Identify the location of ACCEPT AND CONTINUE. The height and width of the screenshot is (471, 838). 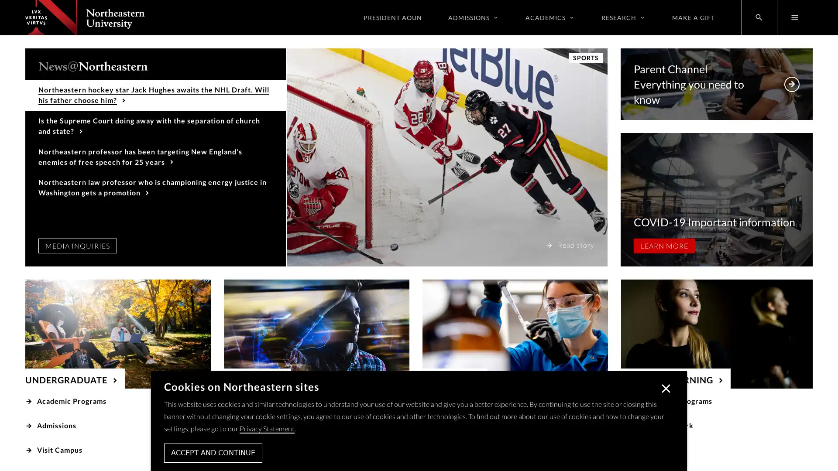
(213, 452).